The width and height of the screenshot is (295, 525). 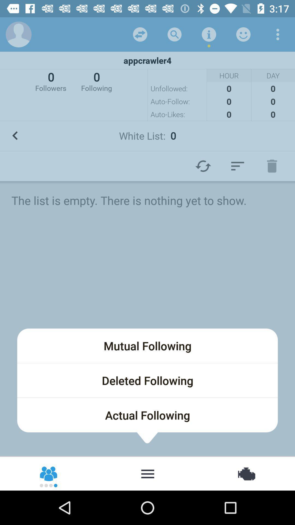 What do you see at coordinates (278, 34) in the screenshot?
I see `item above the appcrawler4 icon` at bounding box center [278, 34].